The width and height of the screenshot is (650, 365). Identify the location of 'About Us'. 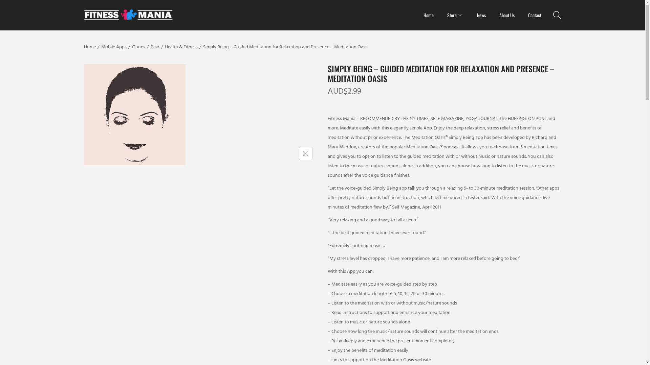
(499, 15).